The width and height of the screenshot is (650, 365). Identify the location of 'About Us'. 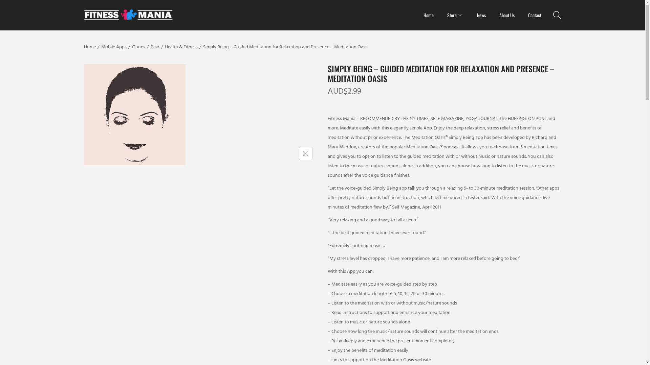
(499, 15).